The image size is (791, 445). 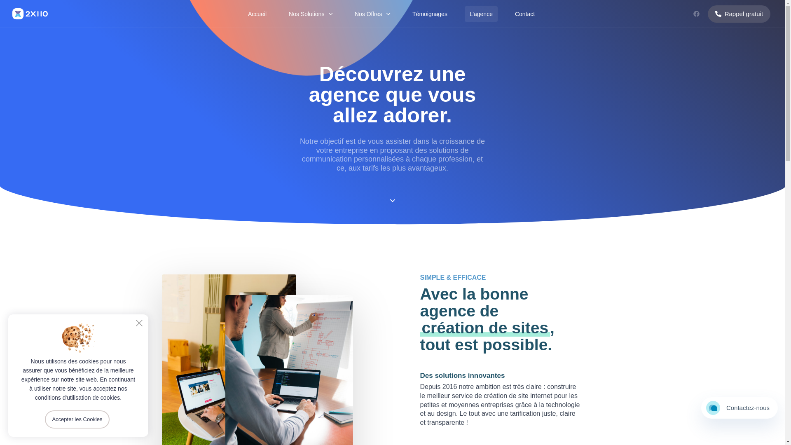 What do you see at coordinates (77, 419) in the screenshot?
I see `'Accepter les Cookies'` at bounding box center [77, 419].